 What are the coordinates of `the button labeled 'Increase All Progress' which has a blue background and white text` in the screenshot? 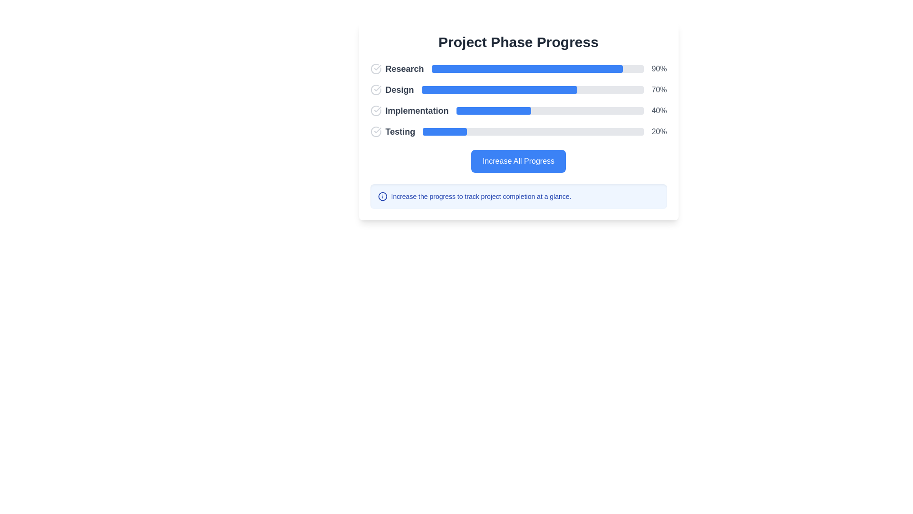 It's located at (518, 161).